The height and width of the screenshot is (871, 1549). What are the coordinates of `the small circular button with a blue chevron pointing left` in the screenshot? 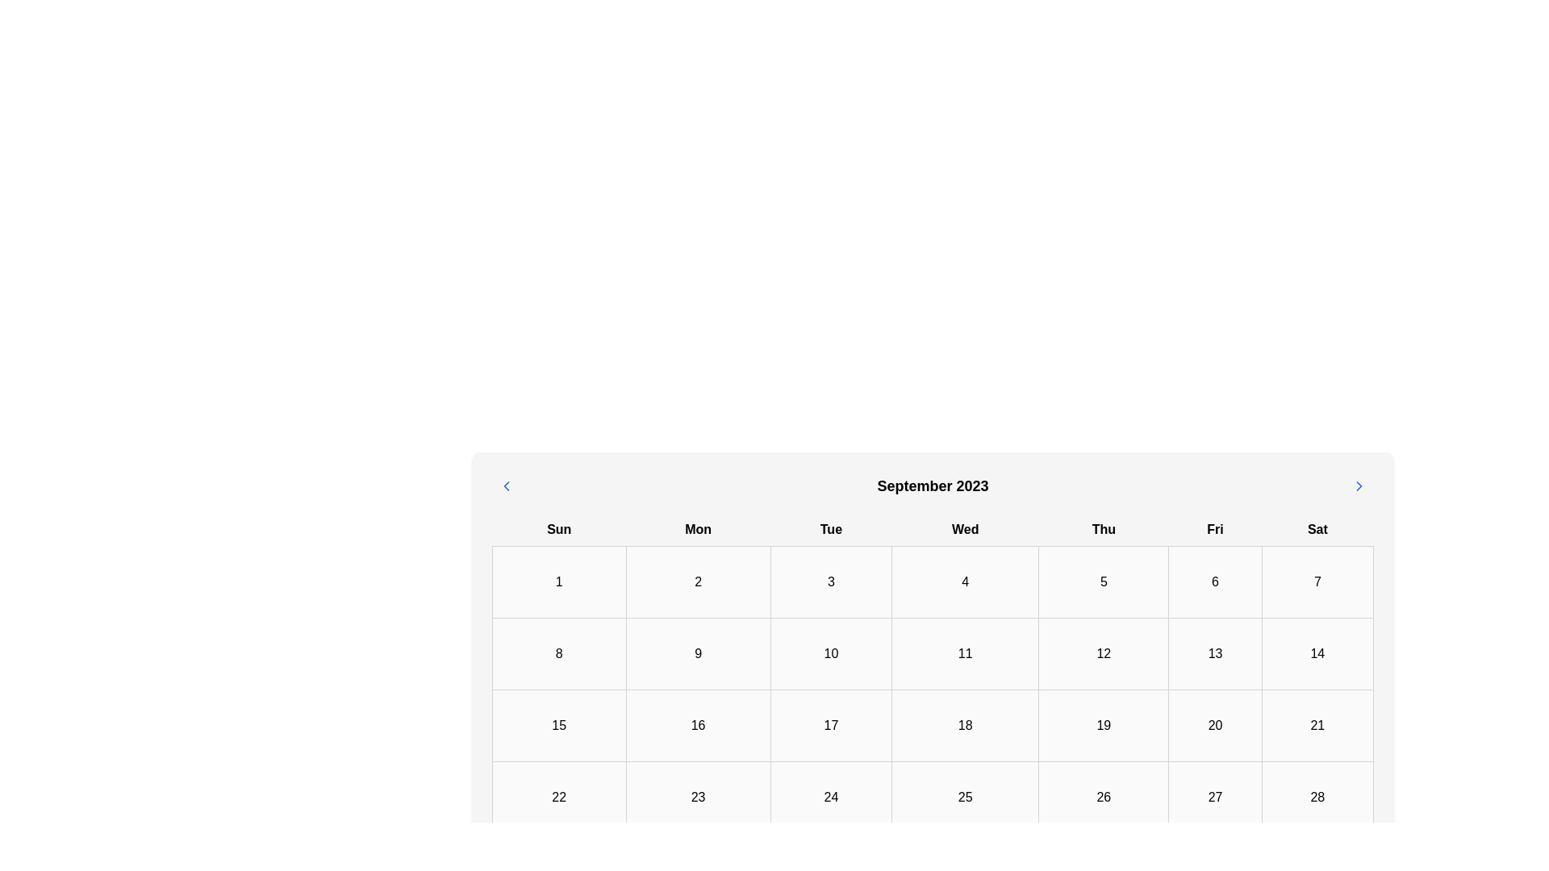 It's located at (506, 485).